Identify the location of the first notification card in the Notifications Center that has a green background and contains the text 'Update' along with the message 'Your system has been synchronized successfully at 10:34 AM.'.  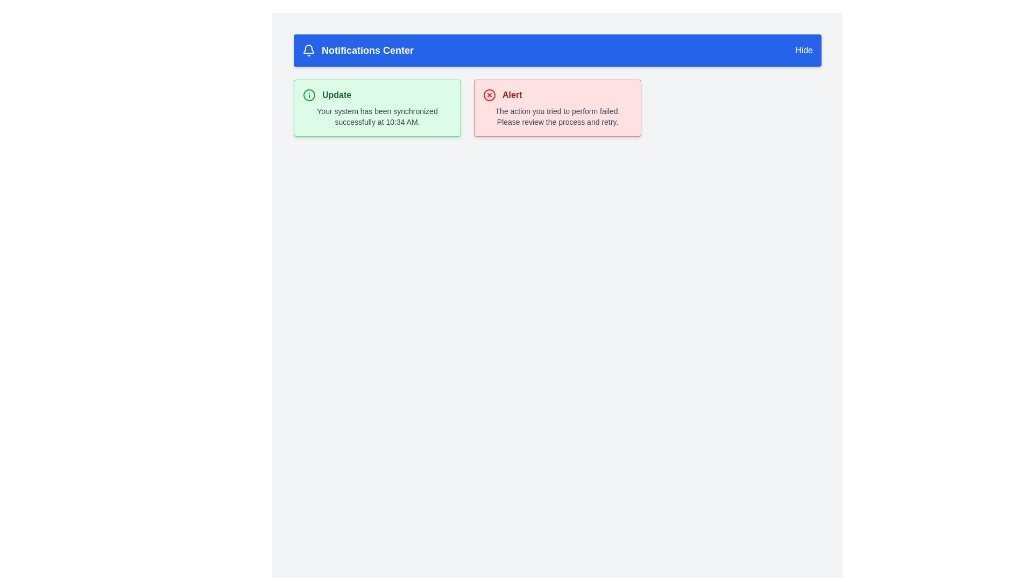
(377, 108).